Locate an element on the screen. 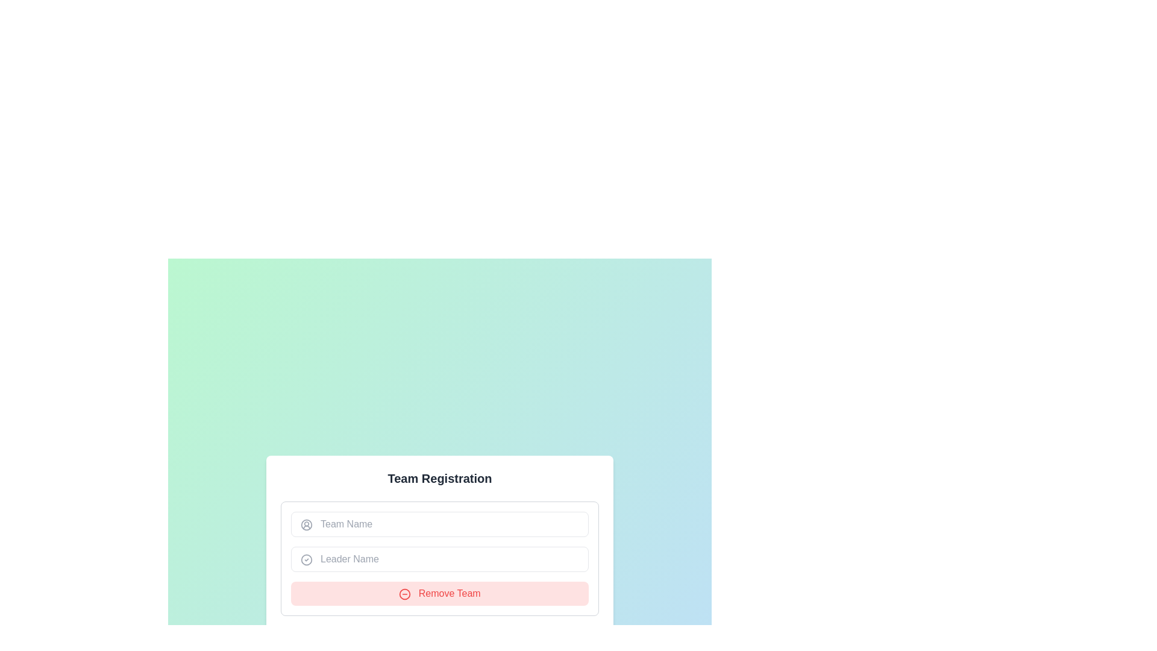  the remove team button located at the bottom of the form by is located at coordinates (439, 593).